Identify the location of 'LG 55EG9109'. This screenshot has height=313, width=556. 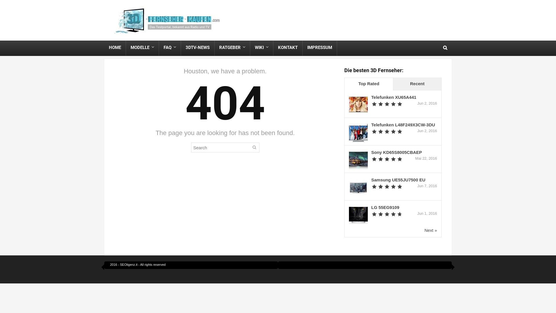
(385, 207).